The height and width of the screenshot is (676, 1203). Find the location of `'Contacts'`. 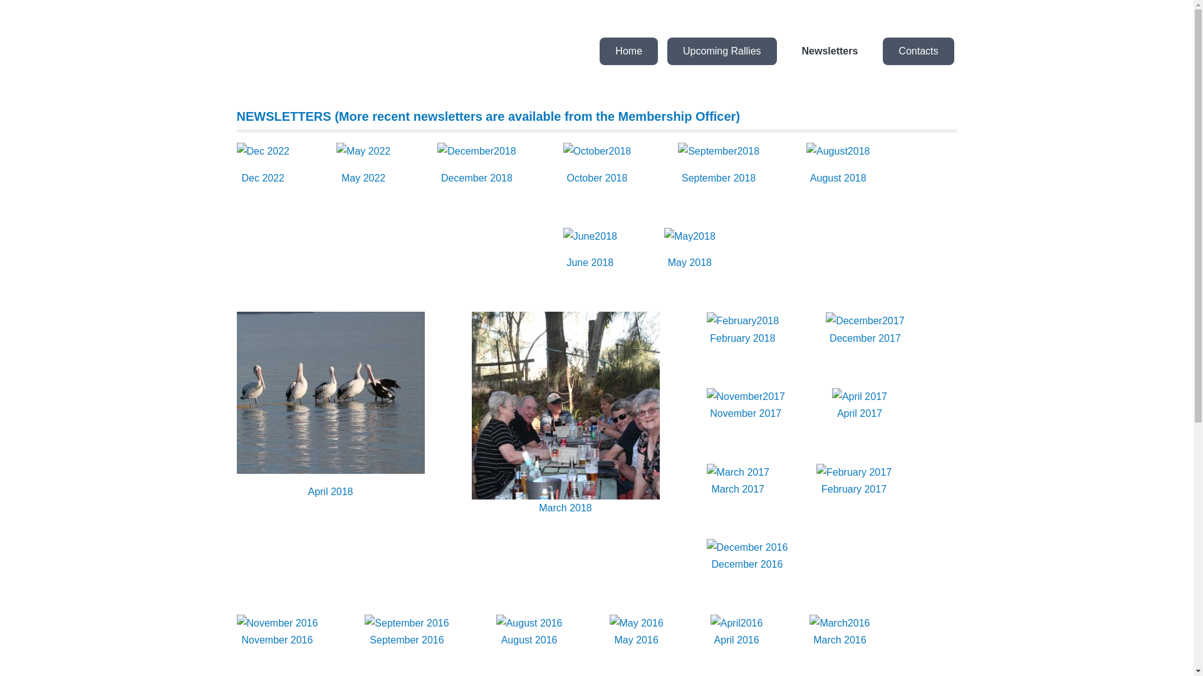

'Contacts' is located at coordinates (918, 50).